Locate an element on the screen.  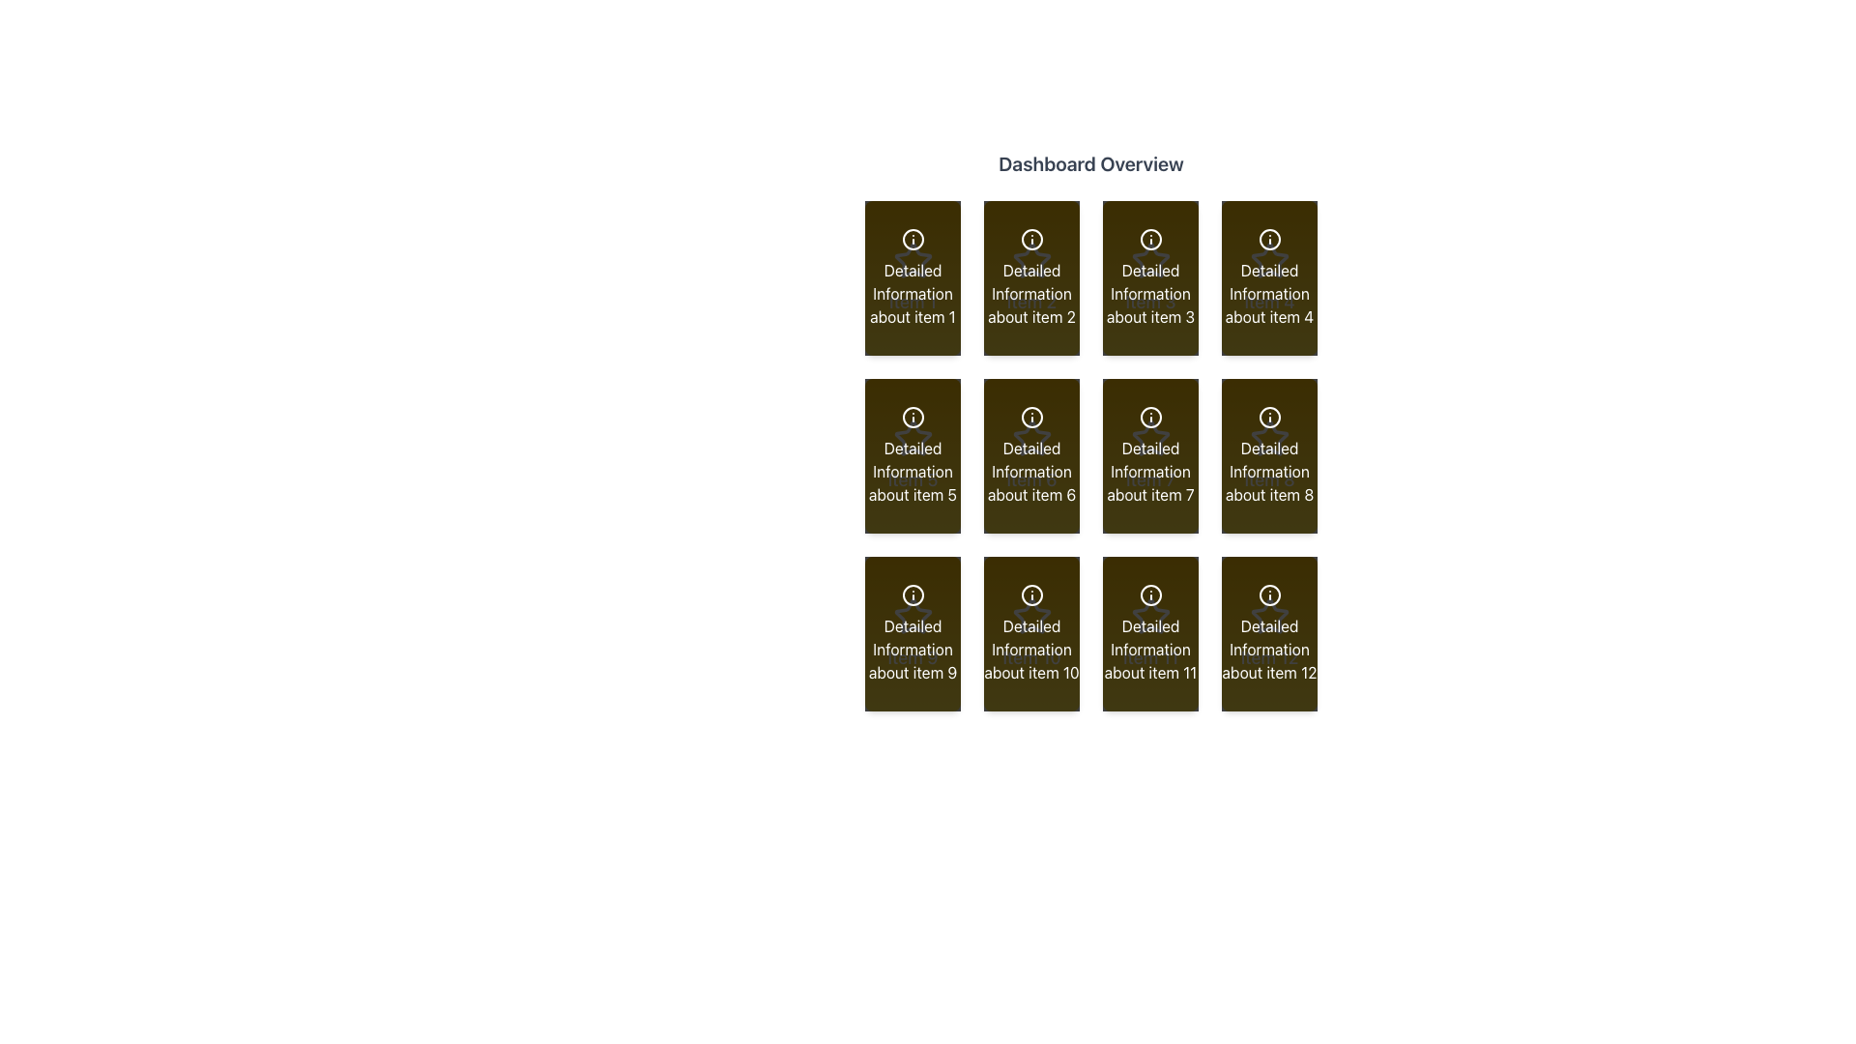
the star-shaped decorative or status-indicating icon located above the text on the 'Item 1' card in the top-left corner of the grid is located at coordinates (912, 261).